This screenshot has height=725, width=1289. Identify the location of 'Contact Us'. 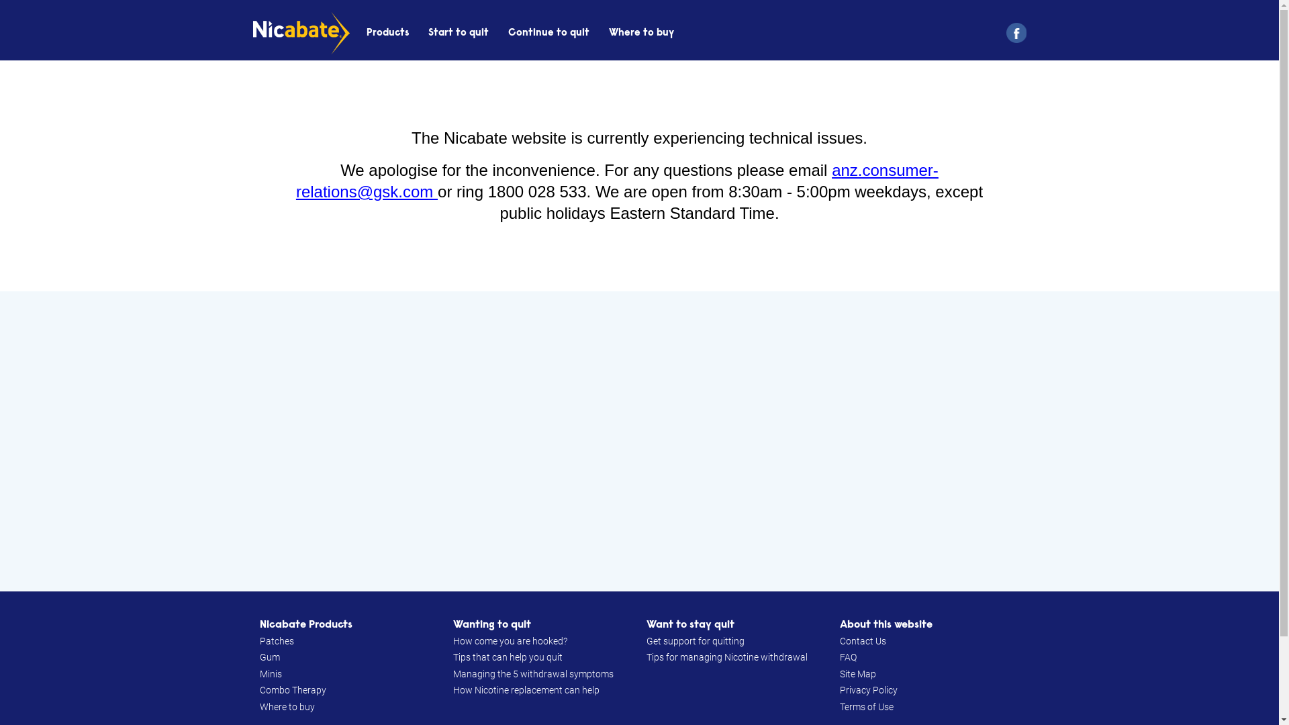
(862, 640).